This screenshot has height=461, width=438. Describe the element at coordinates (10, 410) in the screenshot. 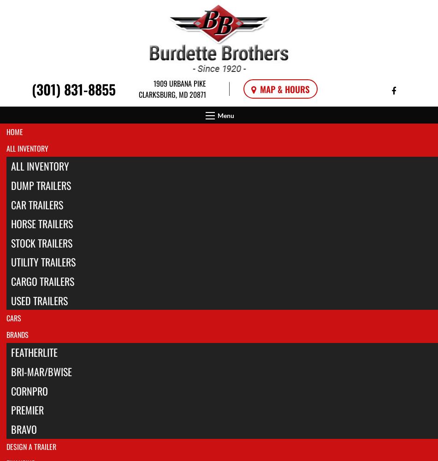

I see `'Premier'` at that location.